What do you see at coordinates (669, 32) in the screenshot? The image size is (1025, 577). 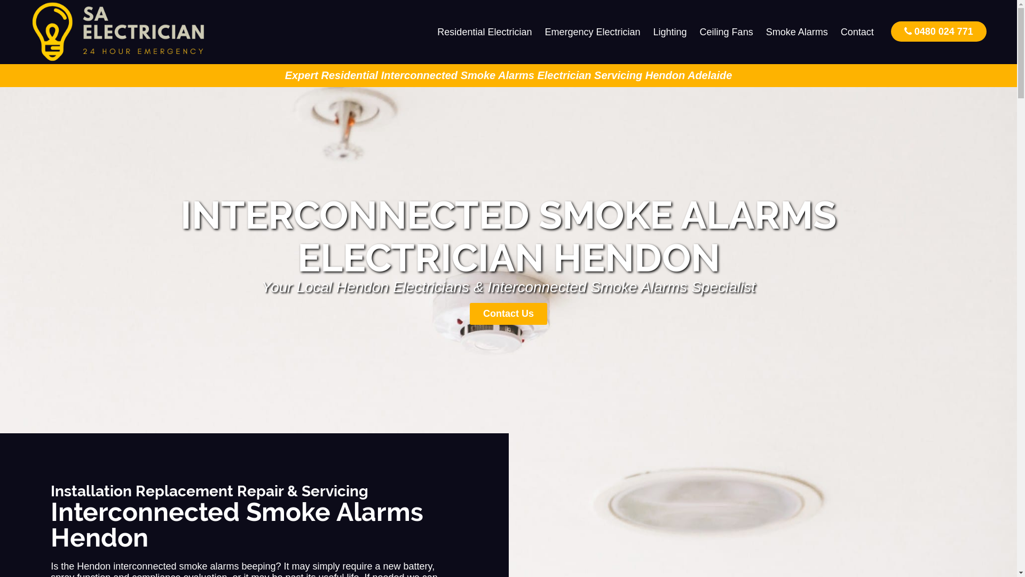 I see `'Lighting'` at bounding box center [669, 32].